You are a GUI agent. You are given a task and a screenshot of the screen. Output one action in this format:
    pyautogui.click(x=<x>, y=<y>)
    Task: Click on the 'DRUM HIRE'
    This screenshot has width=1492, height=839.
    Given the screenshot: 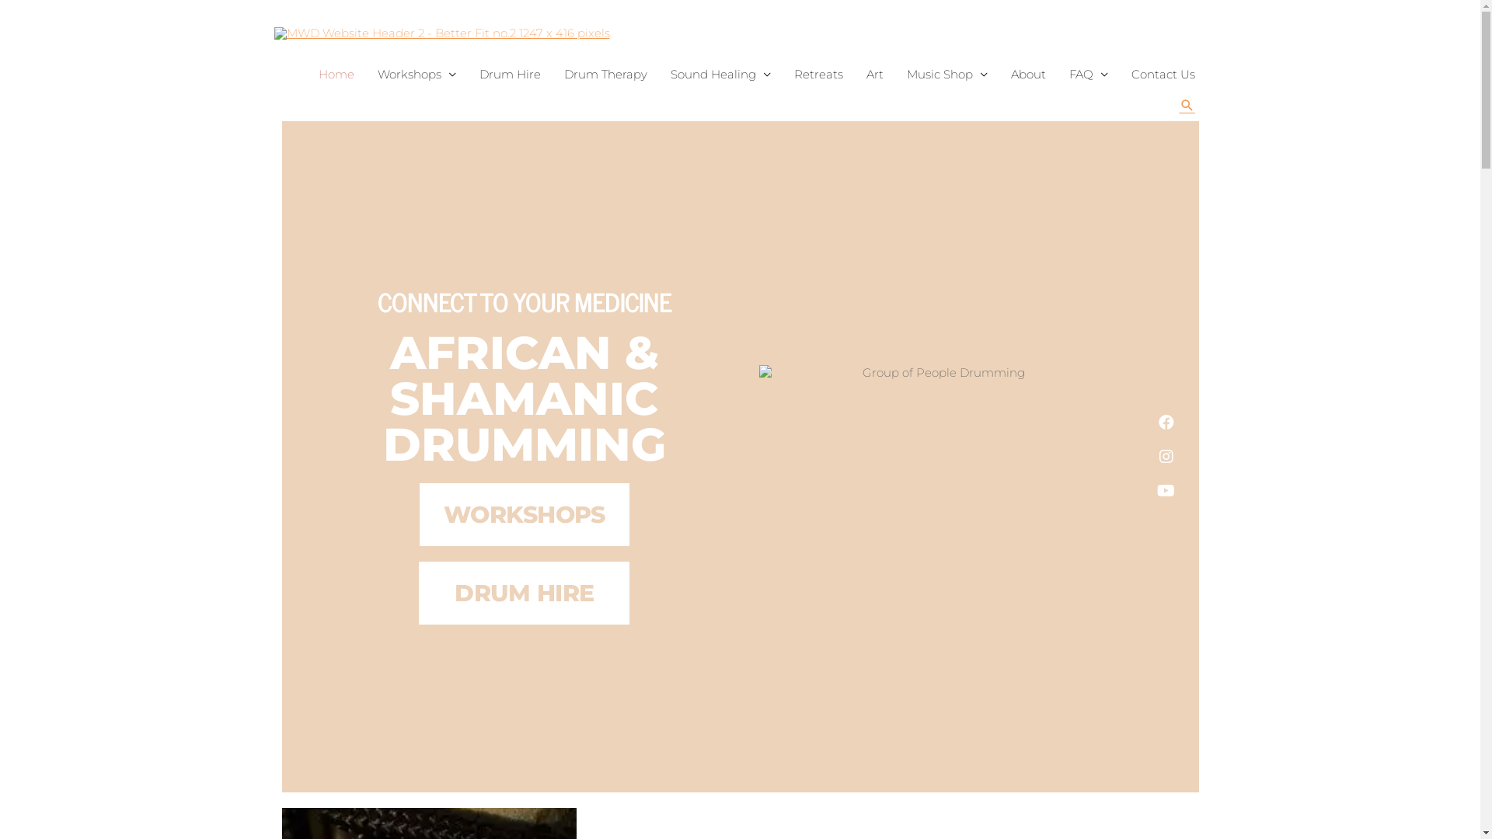 What is the action you would take?
    pyautogui.click(x=524, y=593)
    